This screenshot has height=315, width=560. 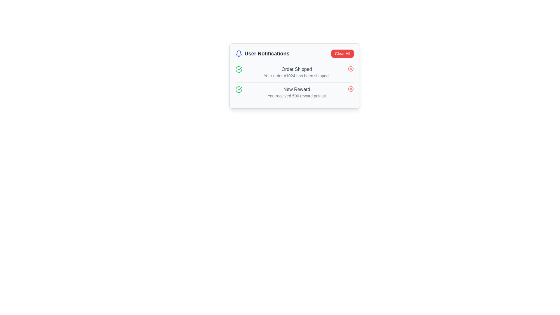 What do you see at coordinates (350, 89) in the screenshot?
I see `the circular button with a red border and 'X' symbol, located at the far right of the 'New Reward' notification` at bounding box center [350, 89].